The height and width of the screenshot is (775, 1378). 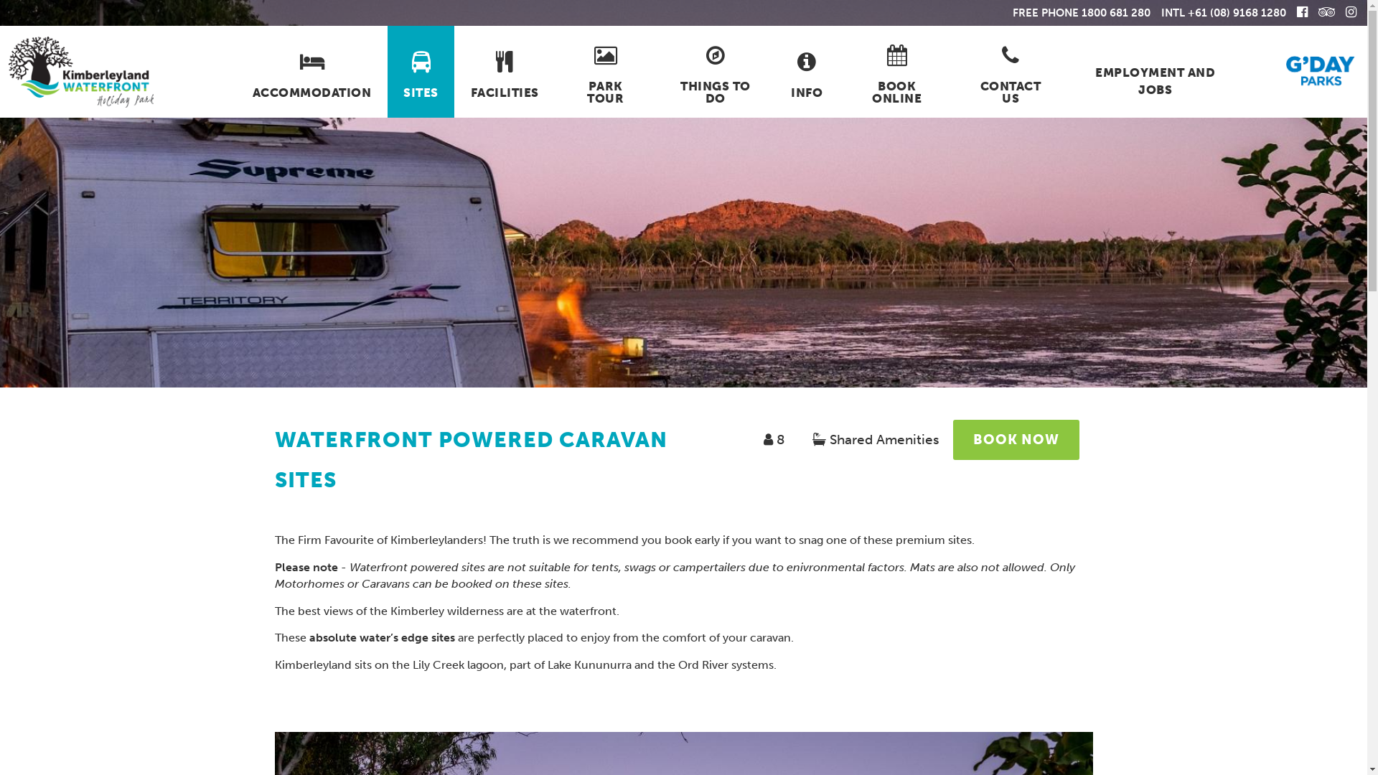 What do you see at coordinates (896, 72) in the screenshot?
I see `'BOOK ONLINE'` at bounding box center [896, 72].